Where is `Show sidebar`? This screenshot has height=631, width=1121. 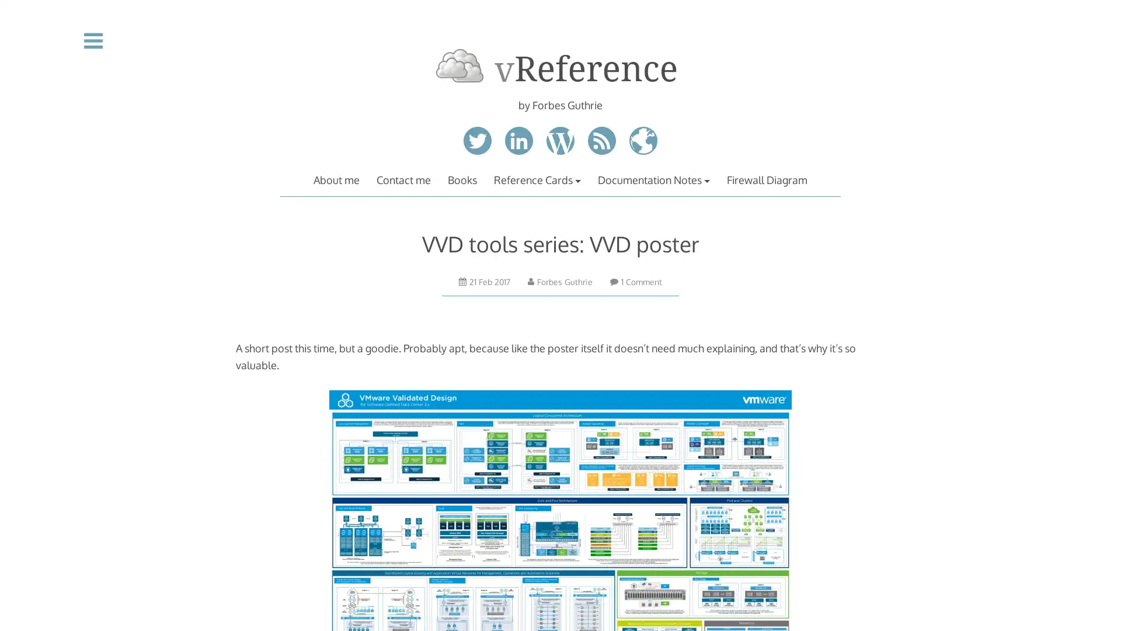 Show sidebar is located at coordinates (92, 40).